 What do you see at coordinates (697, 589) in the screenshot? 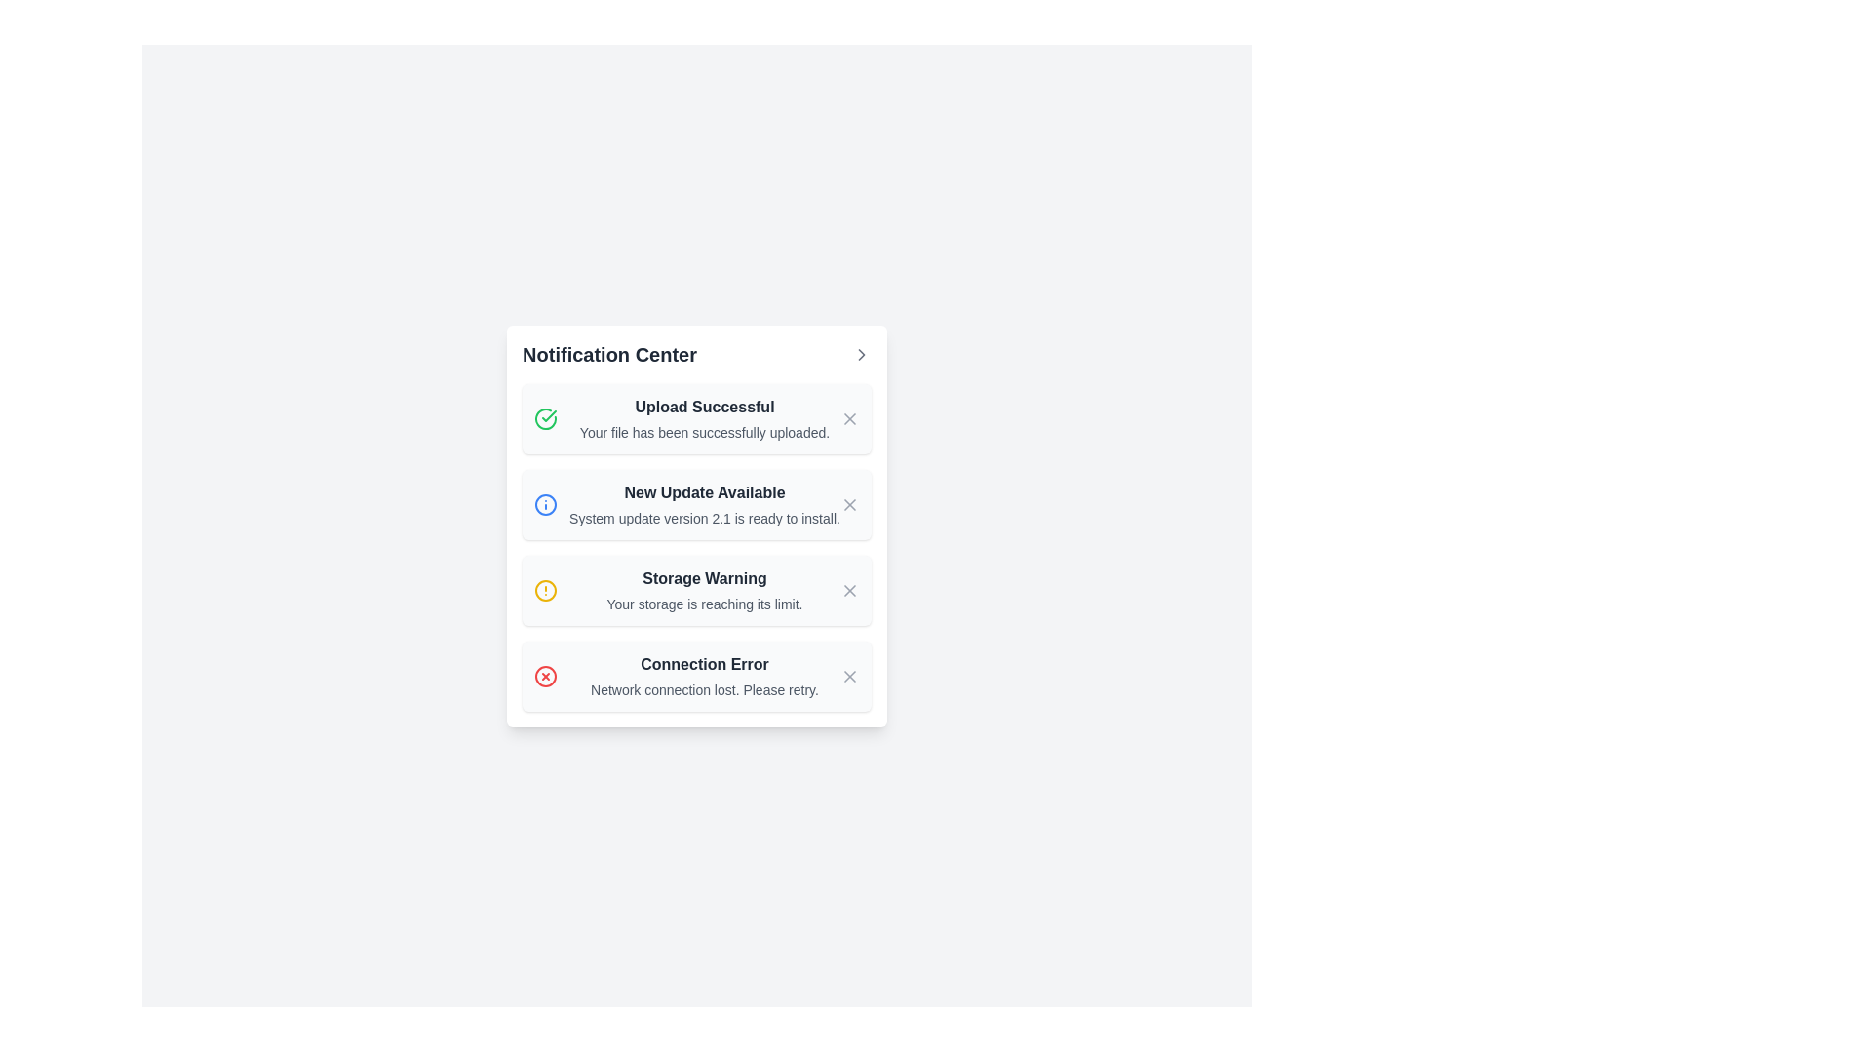
I see `the warning notification about storage usage nearing its limit, which includes a dismiss button and is located in the Notification Center` at bounding box center [697, 589].